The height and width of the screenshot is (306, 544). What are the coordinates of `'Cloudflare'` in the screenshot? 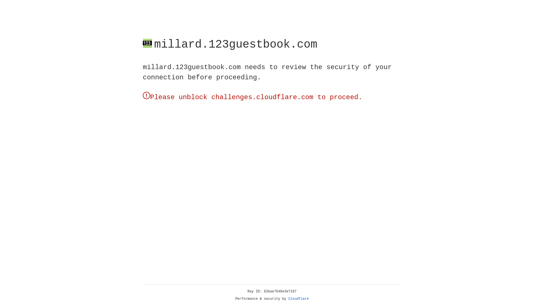 It's located at (298, 299).